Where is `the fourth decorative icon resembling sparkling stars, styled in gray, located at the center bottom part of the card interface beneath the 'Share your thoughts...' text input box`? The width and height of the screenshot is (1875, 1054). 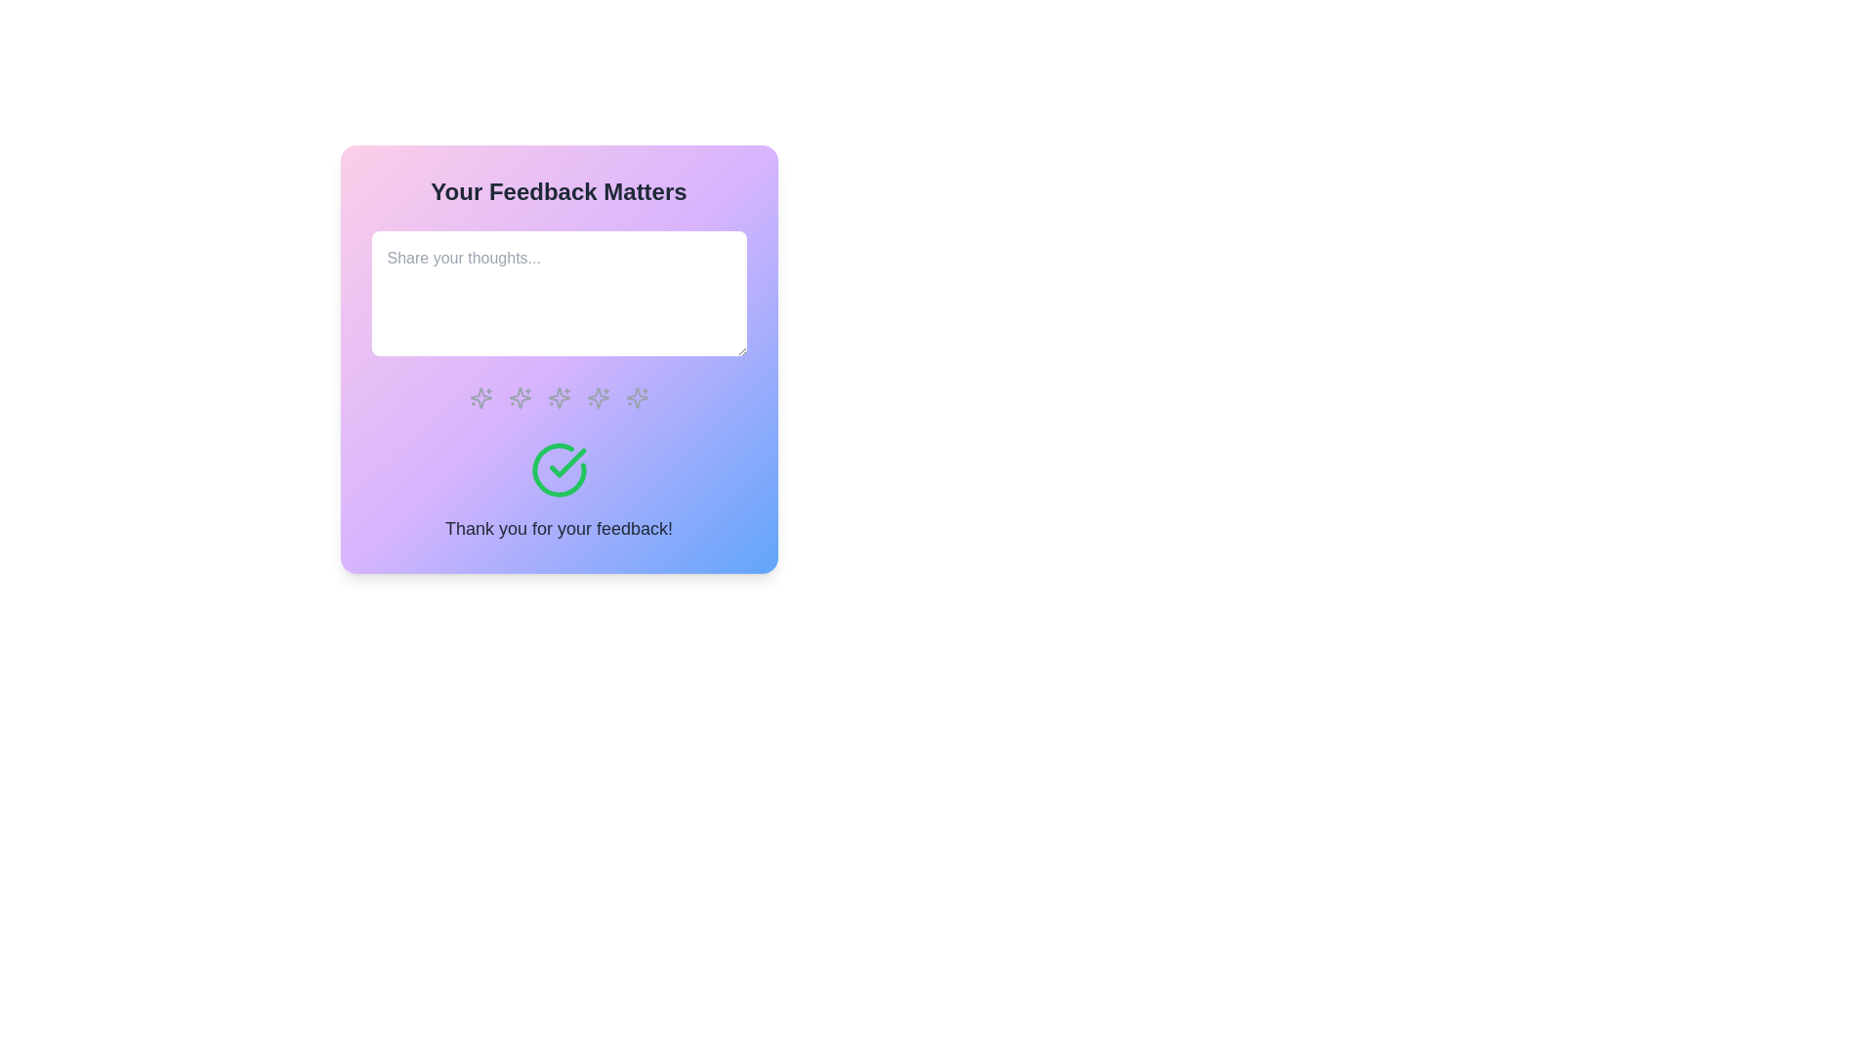
the fourth decorative icon resembling sparkling stars, styled in gray, located at the center bottom part of the card interface beneath the 'Share your thoughts...' text input box is located at coordinates (558, 397).